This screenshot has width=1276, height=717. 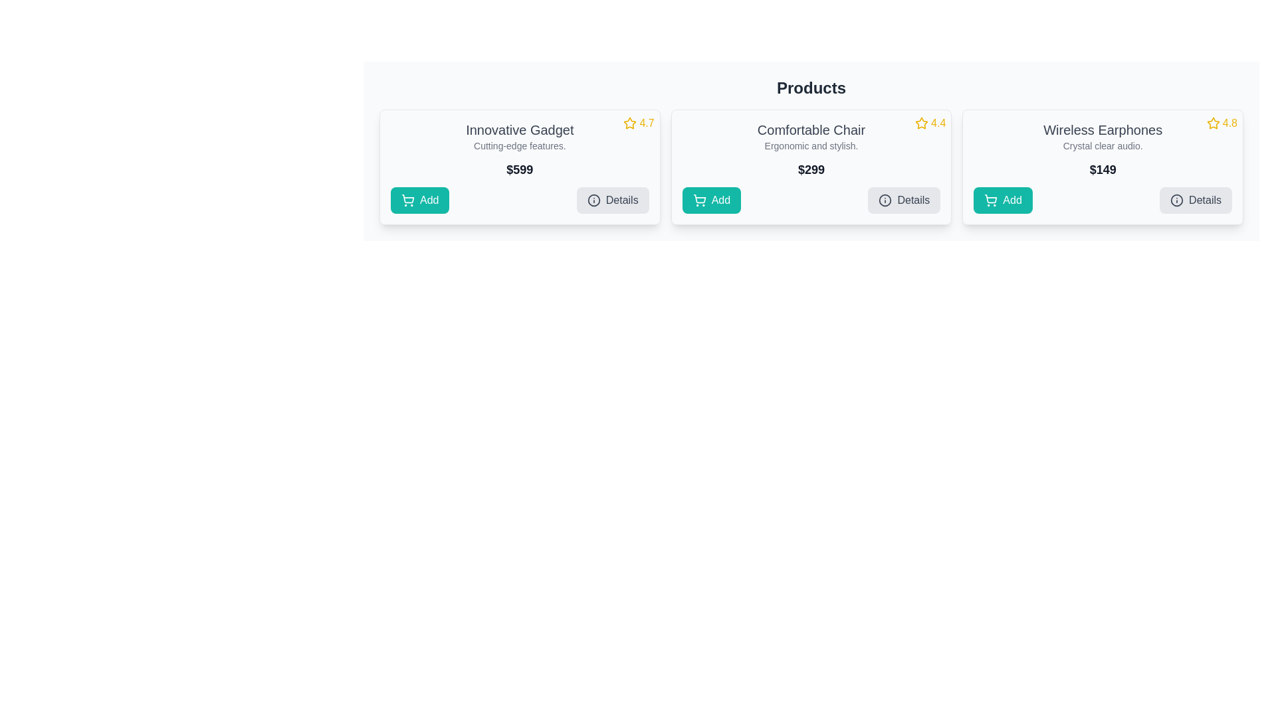 What do you see at coordinates (647, 123) in the screenshot?
I see `the text display showing '4.7', which is styled in yellowish color and positioned next to a star icon in the top-right corner of the 'Innovative Gadget' product card` at bounding box center [647, 123].